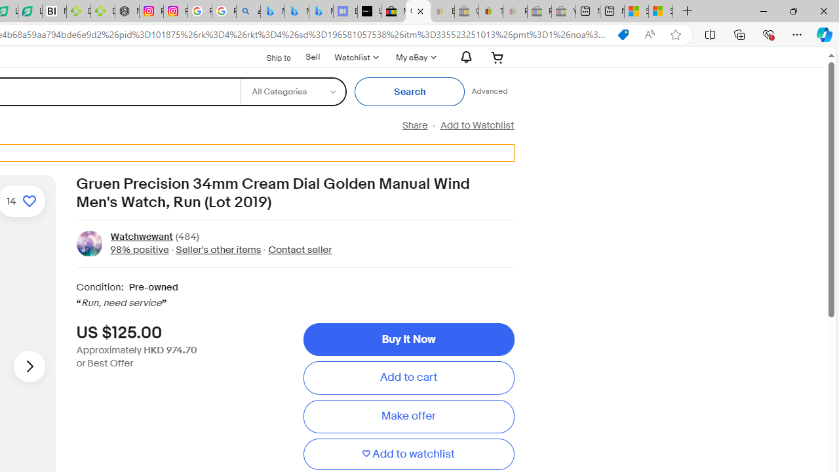 The width and height of the screenshot is (839, 472). I want to click on 'Sell', so click(312, 56).